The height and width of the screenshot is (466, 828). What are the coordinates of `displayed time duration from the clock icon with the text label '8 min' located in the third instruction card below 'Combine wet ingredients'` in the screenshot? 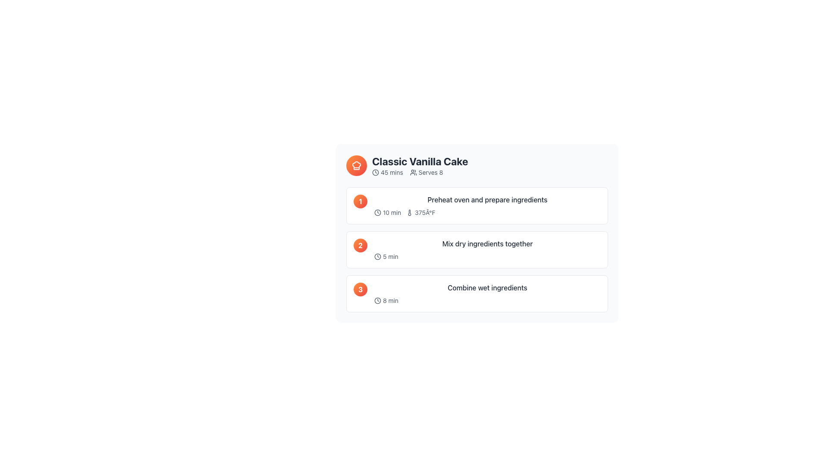 It's located at (386, 300).